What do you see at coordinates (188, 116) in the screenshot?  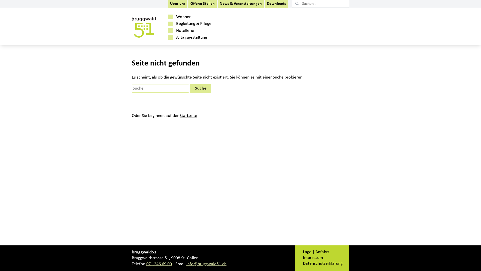 I see `'Startseite'` at bounding box center [188, 116].